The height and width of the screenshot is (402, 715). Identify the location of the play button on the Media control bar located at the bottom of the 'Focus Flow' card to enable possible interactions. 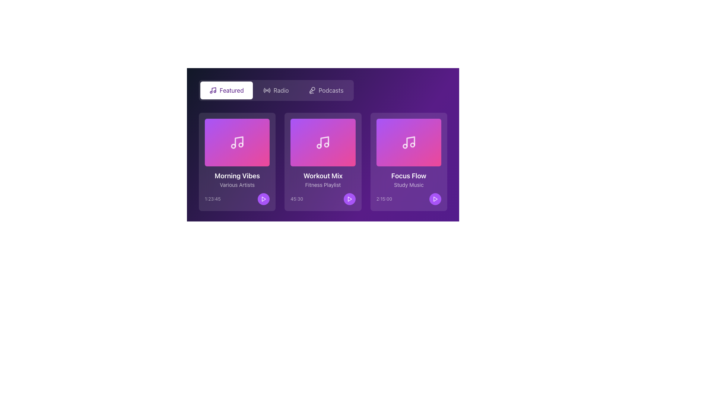
(408, 199).